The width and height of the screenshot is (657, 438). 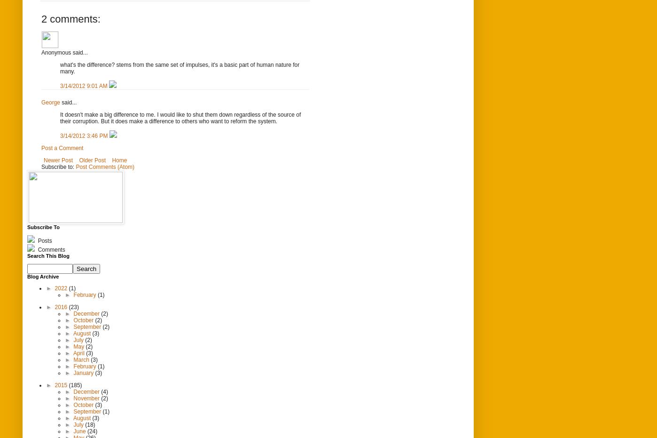 What do you see at coordinates (80, 431) in the screenshot?
I see `'June'` at bounding box center [80, 431].